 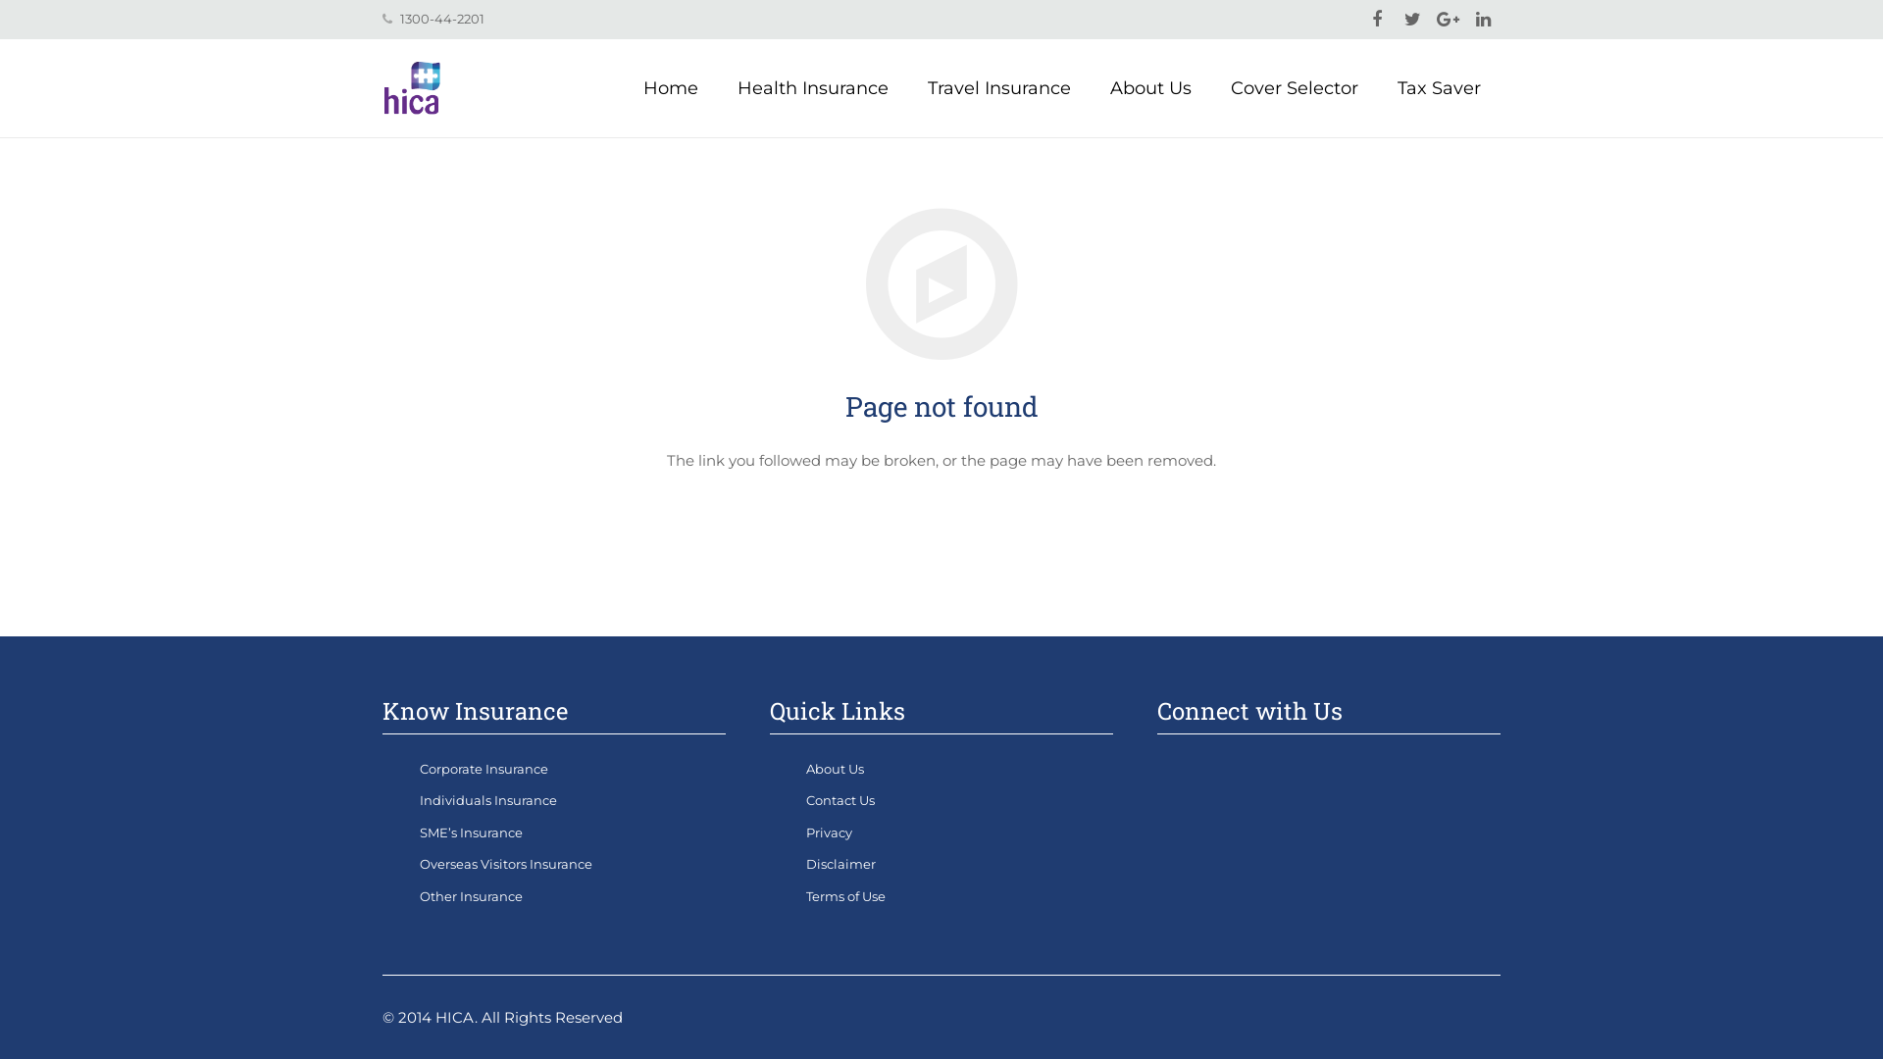 I want to click on 'Disclaimer', so click(x=805, y=862).